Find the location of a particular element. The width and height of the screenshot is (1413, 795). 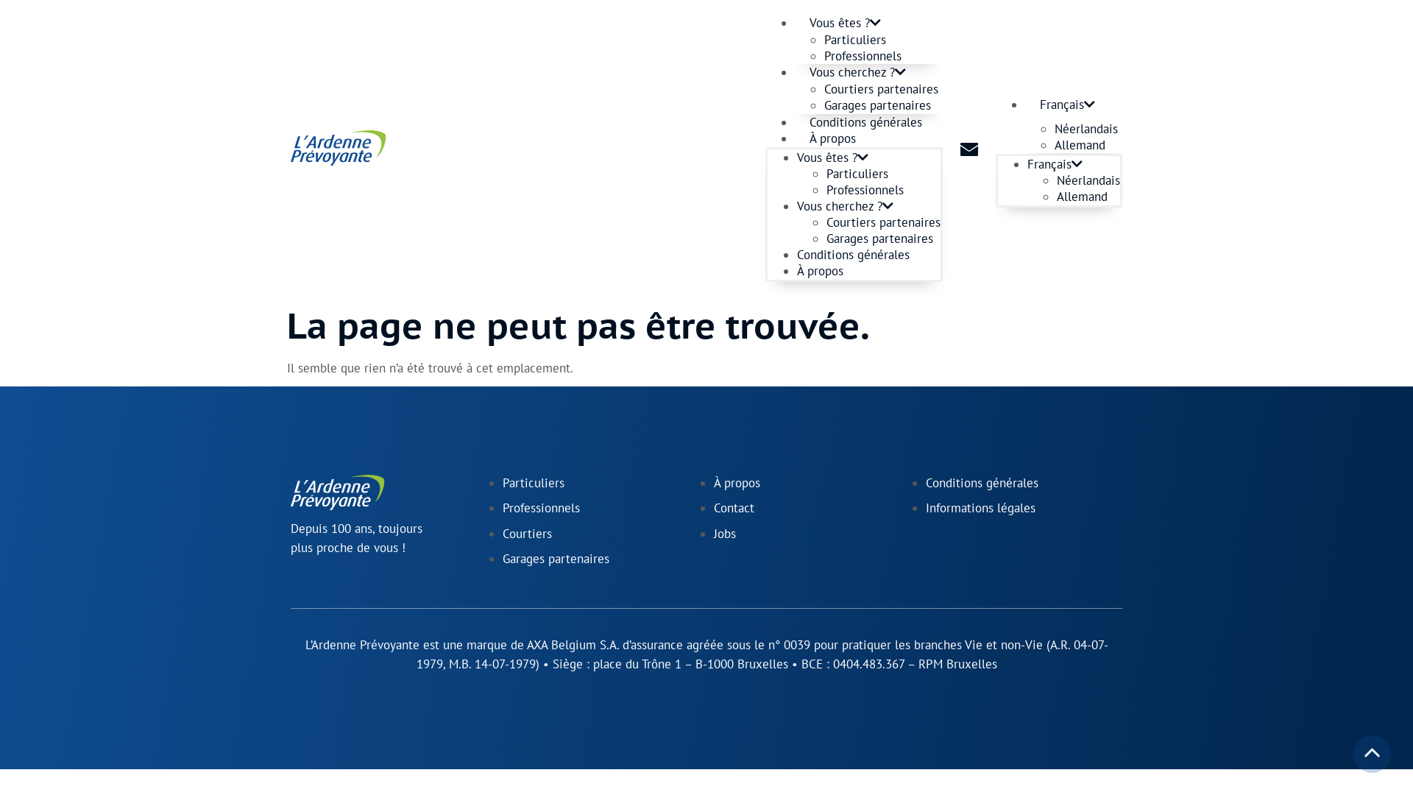

'Particuliers' is located at coordinates (854, 39).